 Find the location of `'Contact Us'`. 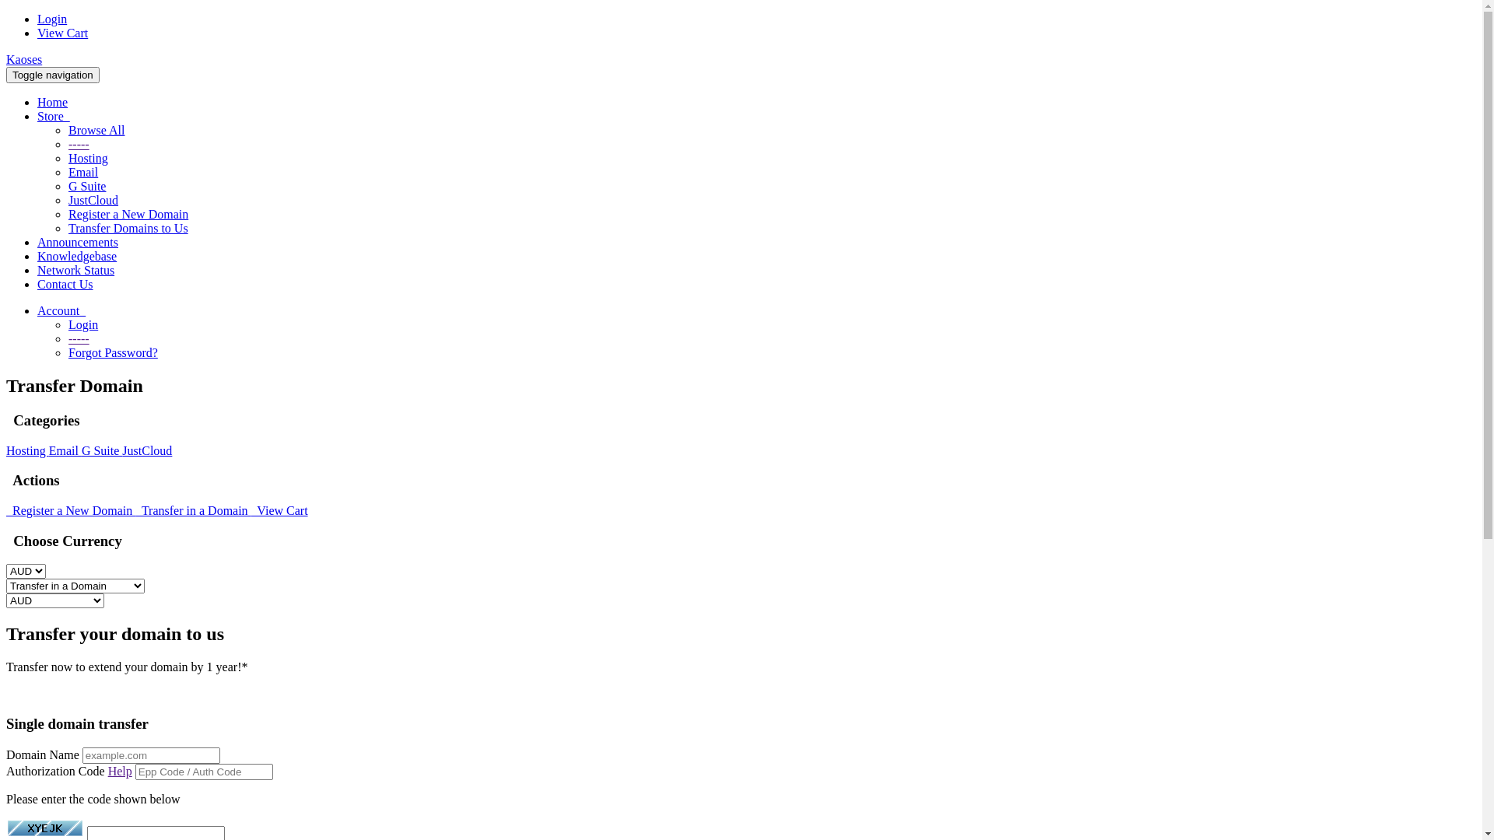

'Contact Us' is located at coordinates (64, 284).